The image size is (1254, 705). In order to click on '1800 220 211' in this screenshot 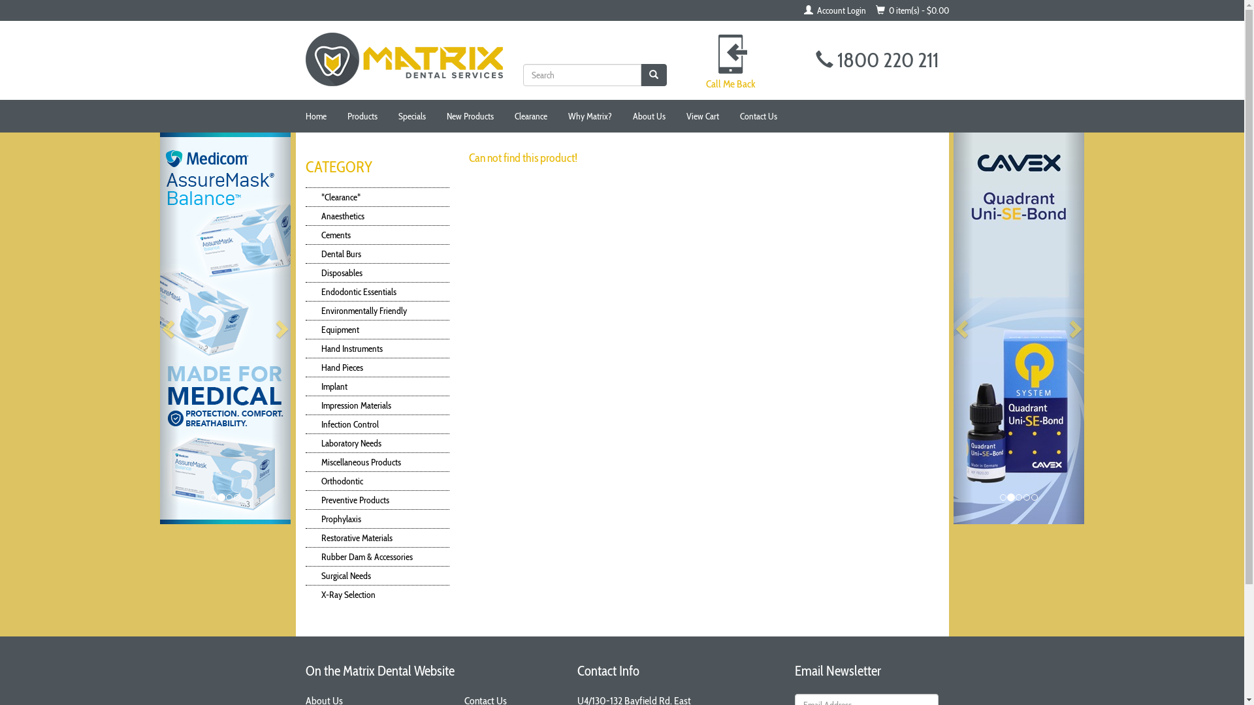, I will do `click(877, 59)`.